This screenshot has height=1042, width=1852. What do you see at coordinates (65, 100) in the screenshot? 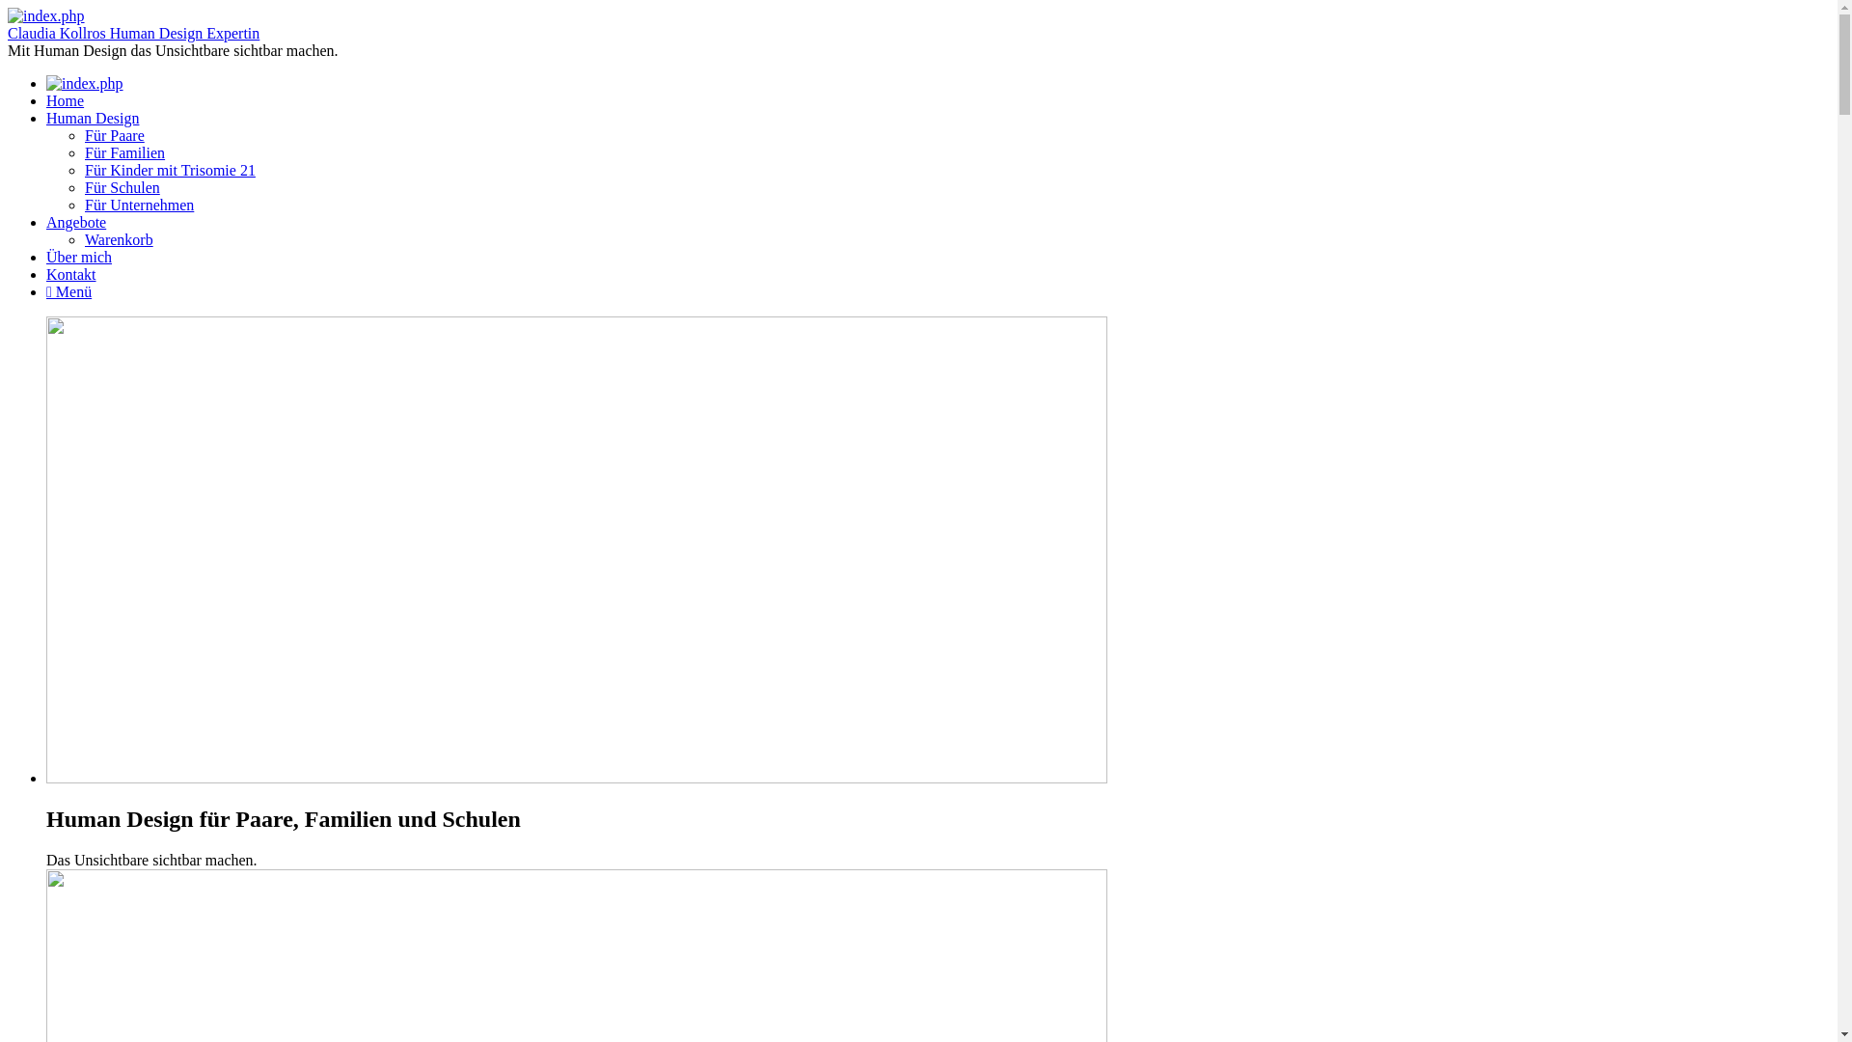
I see `'Home'` at bounding box center [65, 100].